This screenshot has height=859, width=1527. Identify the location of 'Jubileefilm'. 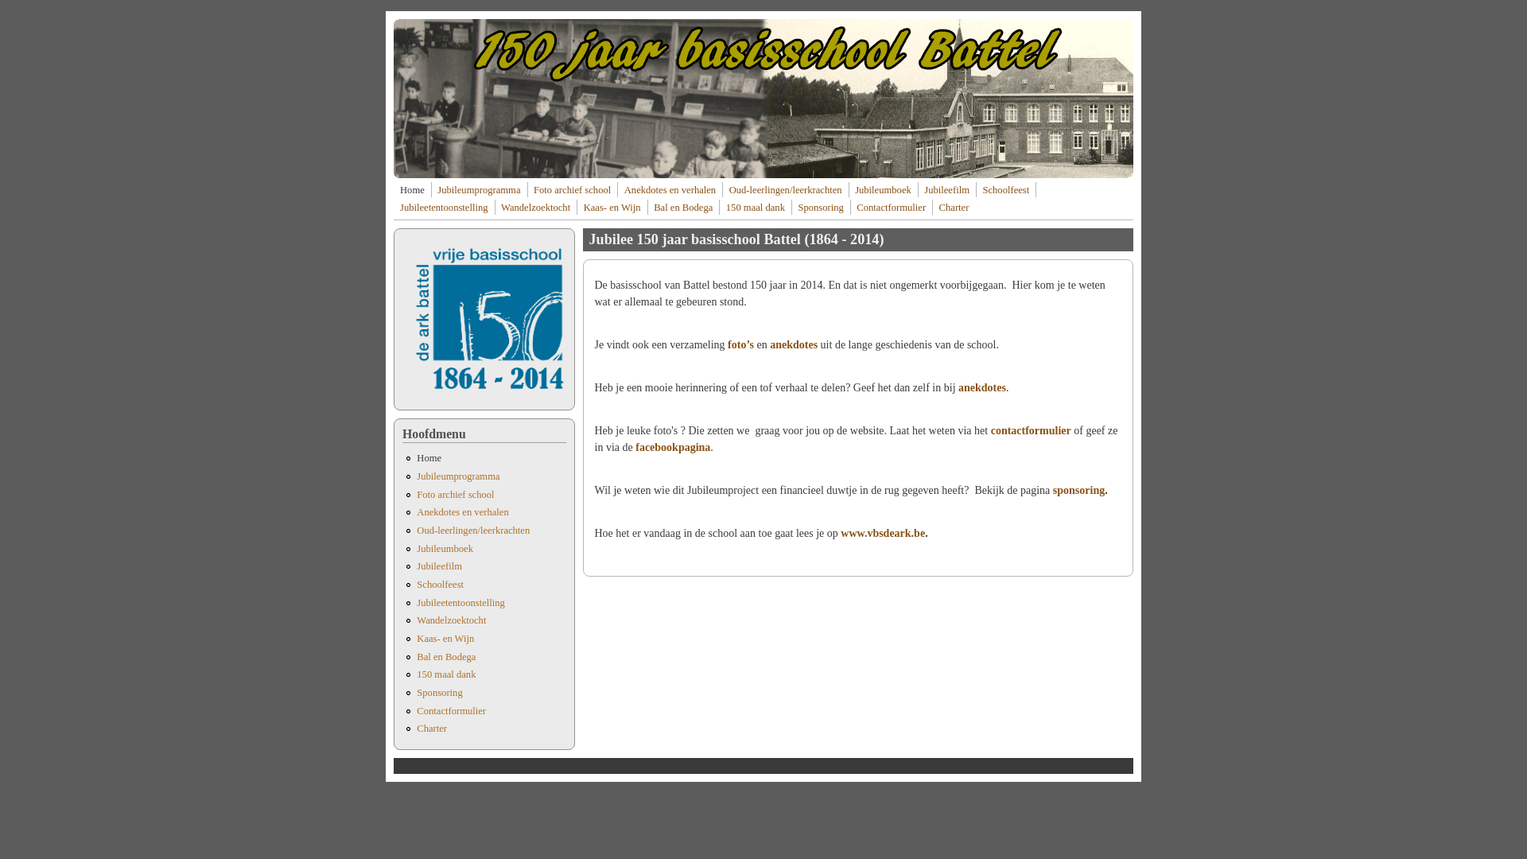
(946, 189).